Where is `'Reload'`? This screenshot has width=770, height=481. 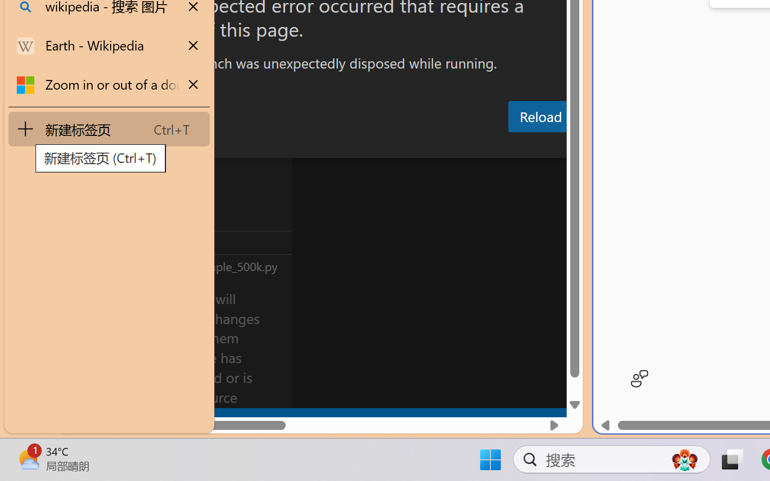
'Reload' is located at coordinates (540, 115).